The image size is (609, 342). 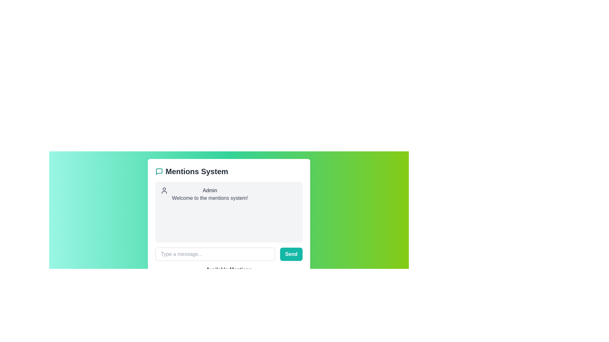 What do you see at coordinates (228, 270) in the screenshot?
I see `the text label that reads 'Available Mentions', which is styled in gray and bold, by moving the cursor to its center and clicking on it` at bounding box center [228, 270].